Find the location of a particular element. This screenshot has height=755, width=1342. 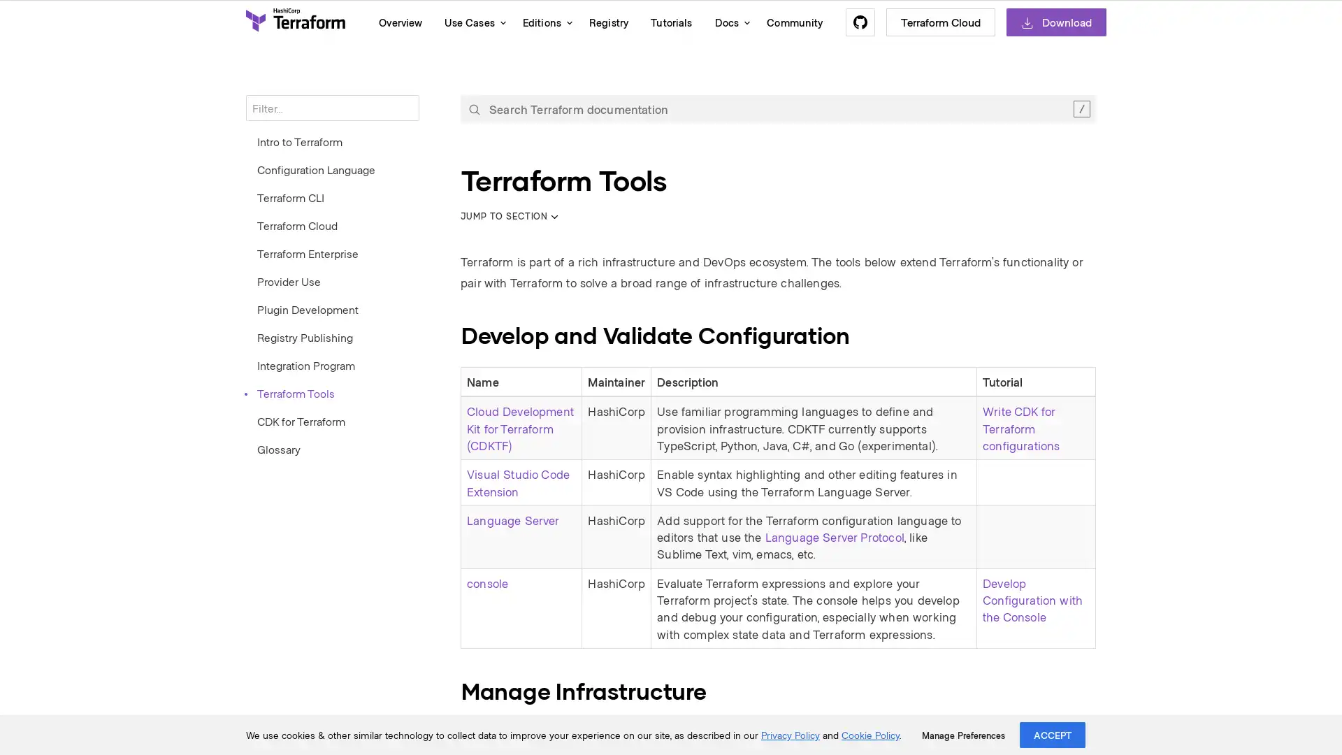

Use Cases is located at coordinates (472, 22).